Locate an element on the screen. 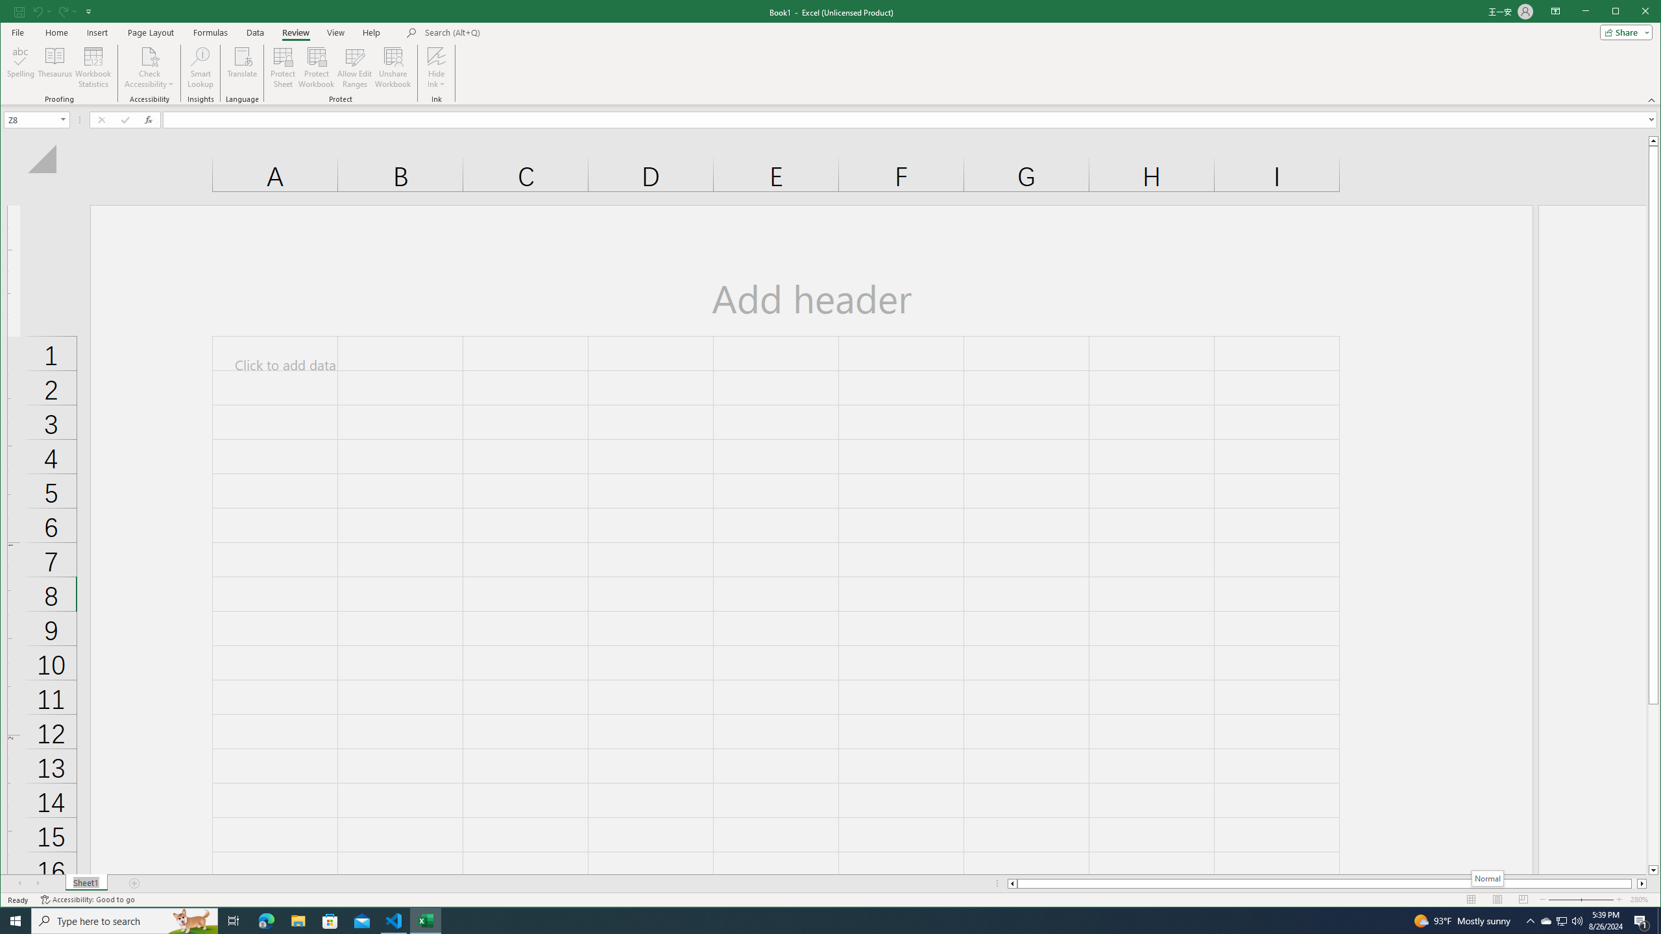  'Protect Sheet...' is located at coordinates (283, 67).